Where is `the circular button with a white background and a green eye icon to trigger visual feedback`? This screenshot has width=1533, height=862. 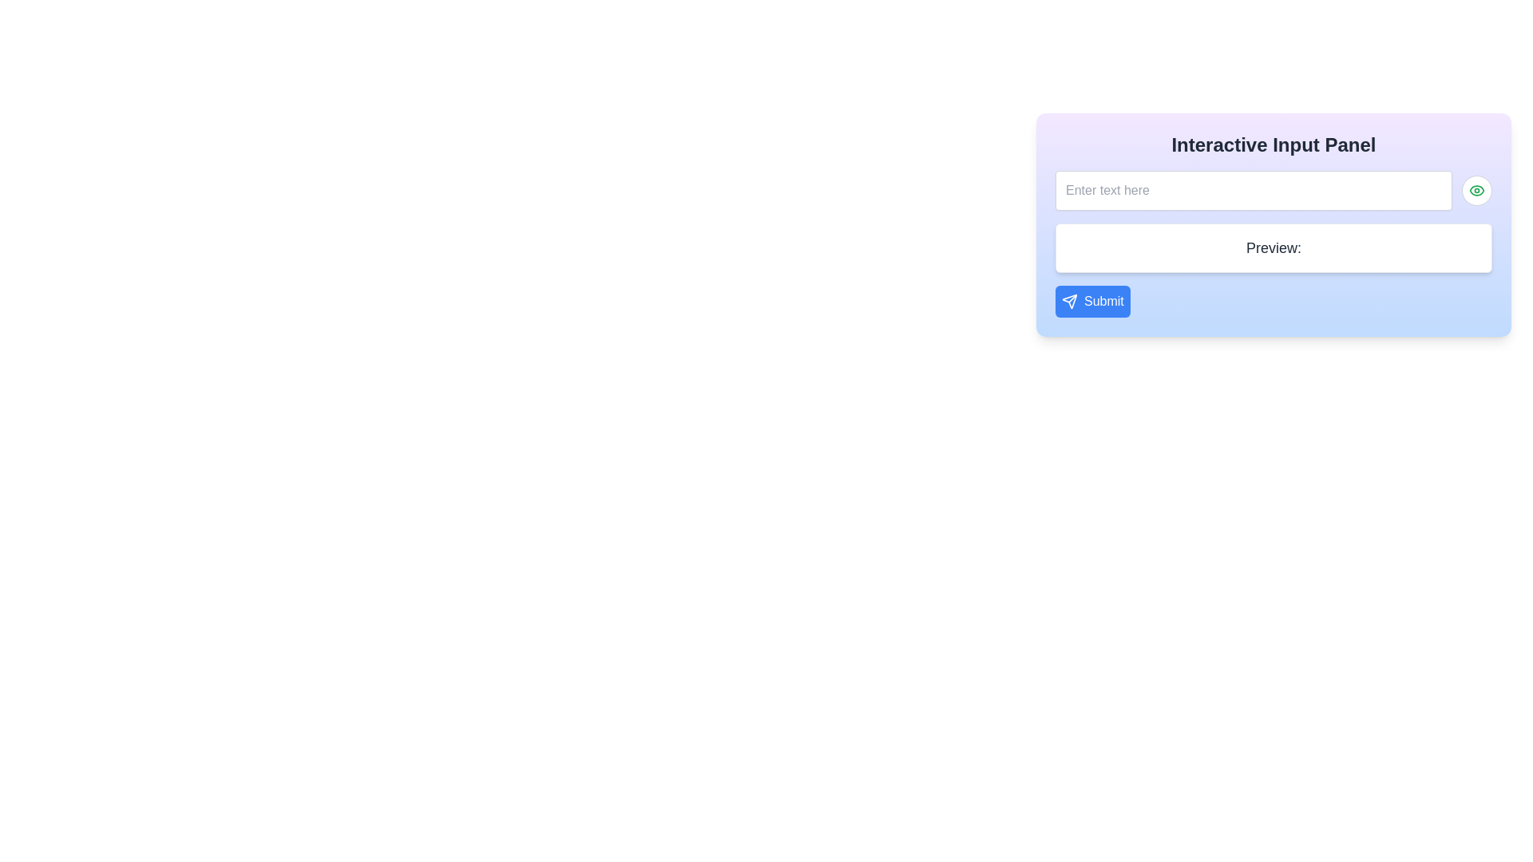
the circular button with a white background and a green eye icon to trigger visual feedback is located at coordinates (1476, 190).